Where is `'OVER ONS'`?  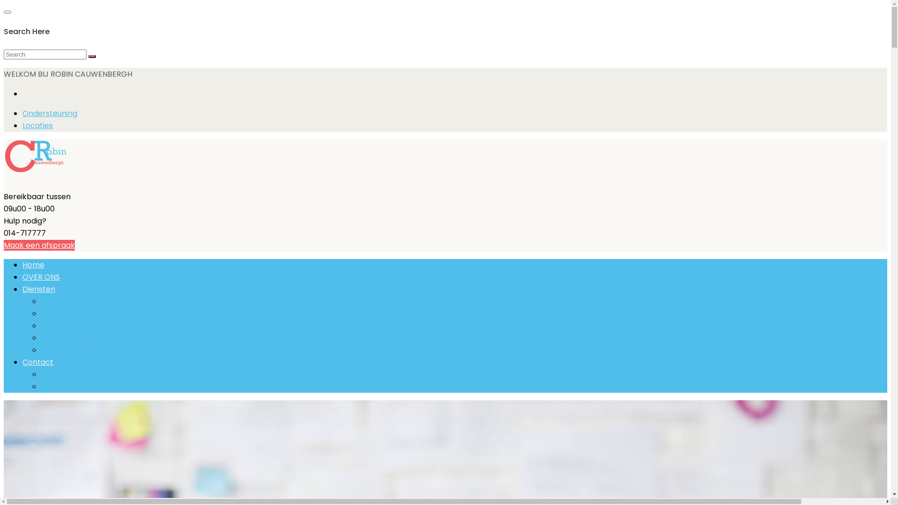 'OVER ONS' is located at coordinates (40, 276).